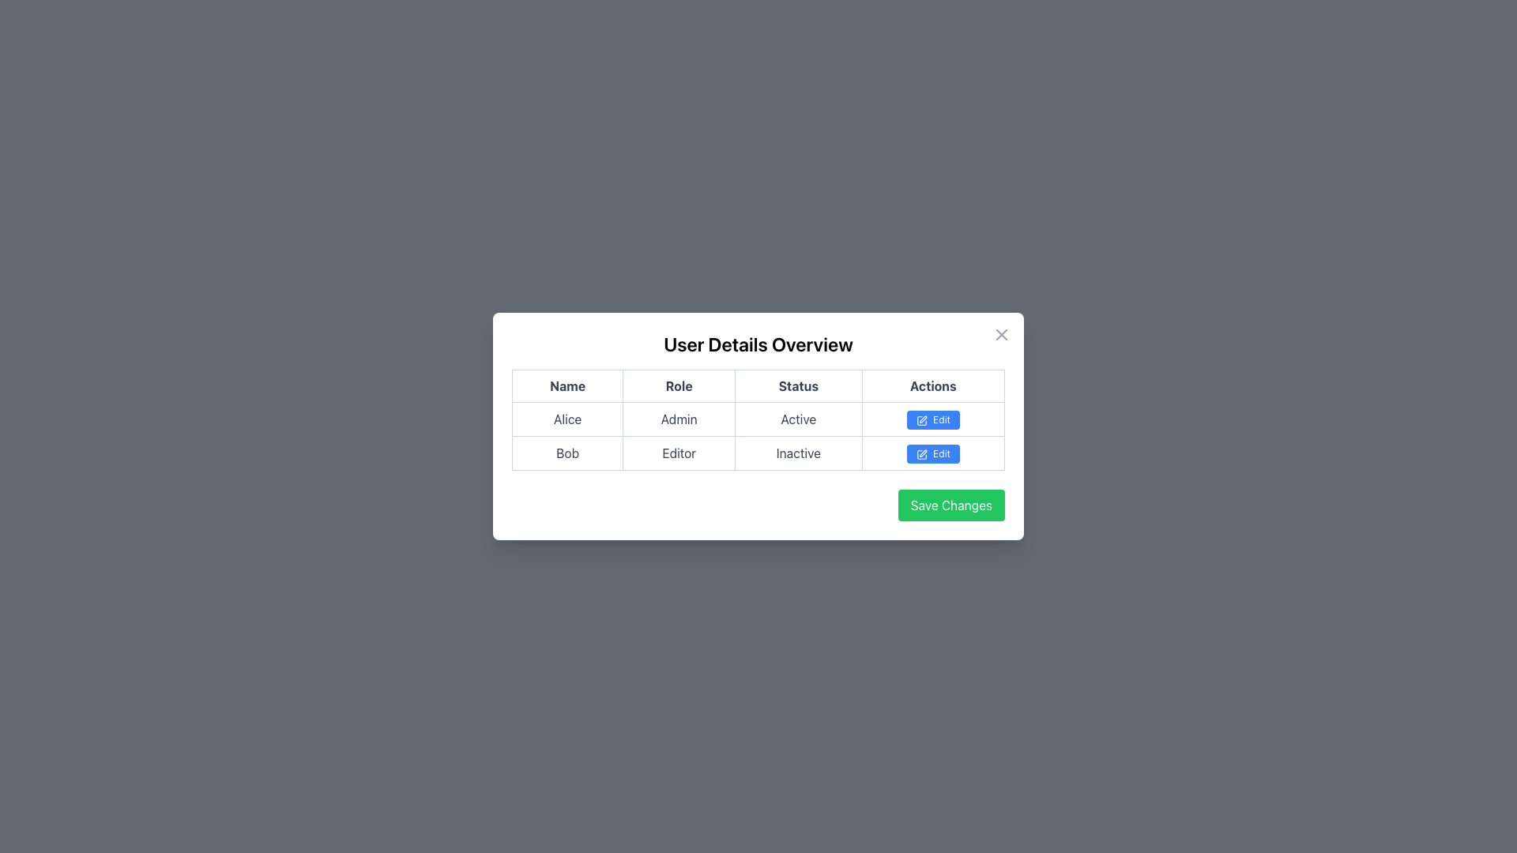 The image size is (1517, 853). What do you see at coordinates (921, 419) in the screenshot?
I see `the edit icon within the 'Edit' button located in the 'Actions' column of the second row for user 'Alice' to enable accessibility navigation` at bounding box center [921, 419].